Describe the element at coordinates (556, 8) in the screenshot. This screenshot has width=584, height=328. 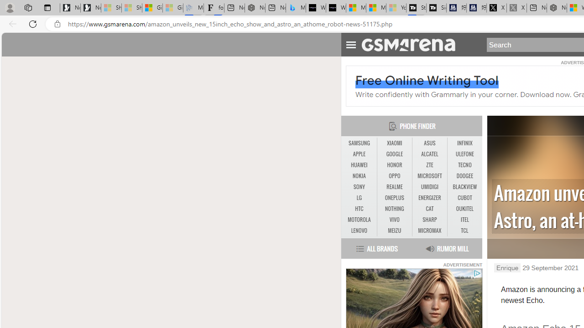
I see `'Nordace - My Account'` at that location.